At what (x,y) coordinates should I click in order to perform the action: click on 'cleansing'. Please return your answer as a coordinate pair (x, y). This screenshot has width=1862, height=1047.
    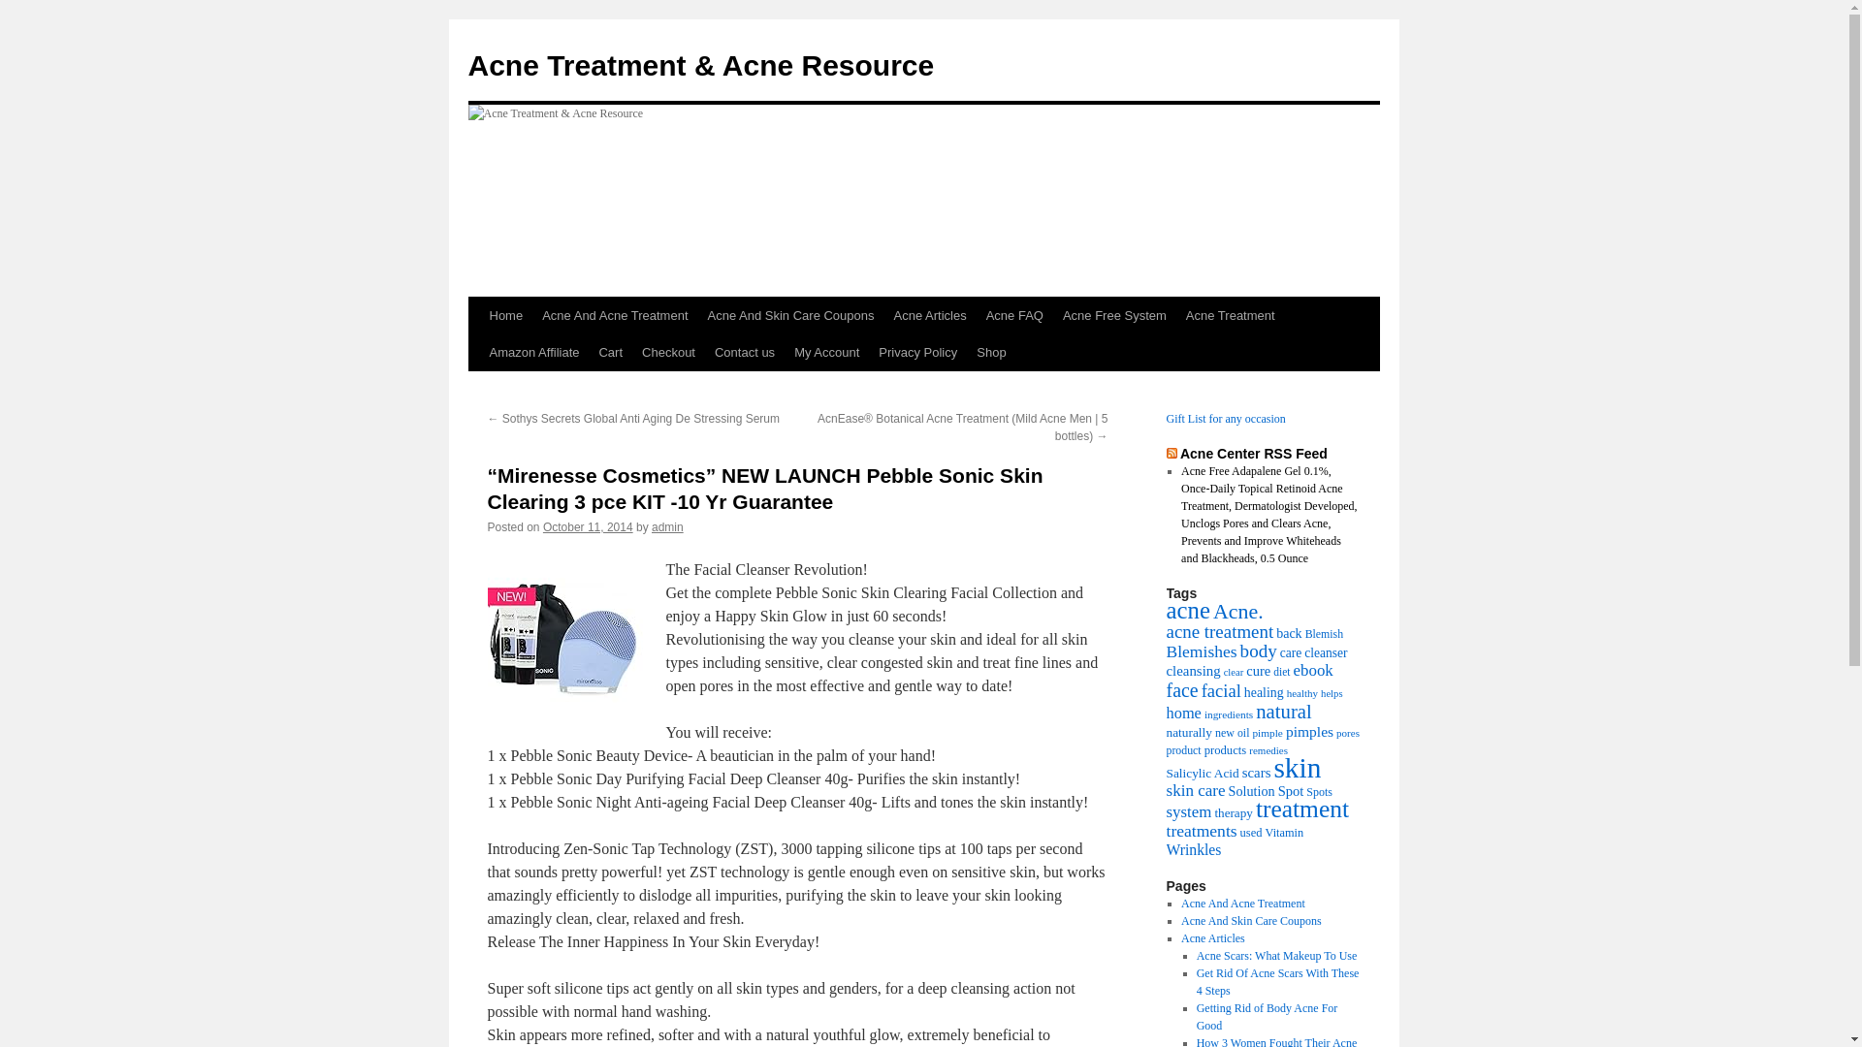
    Looking at the image, I should click on (1191, 669).